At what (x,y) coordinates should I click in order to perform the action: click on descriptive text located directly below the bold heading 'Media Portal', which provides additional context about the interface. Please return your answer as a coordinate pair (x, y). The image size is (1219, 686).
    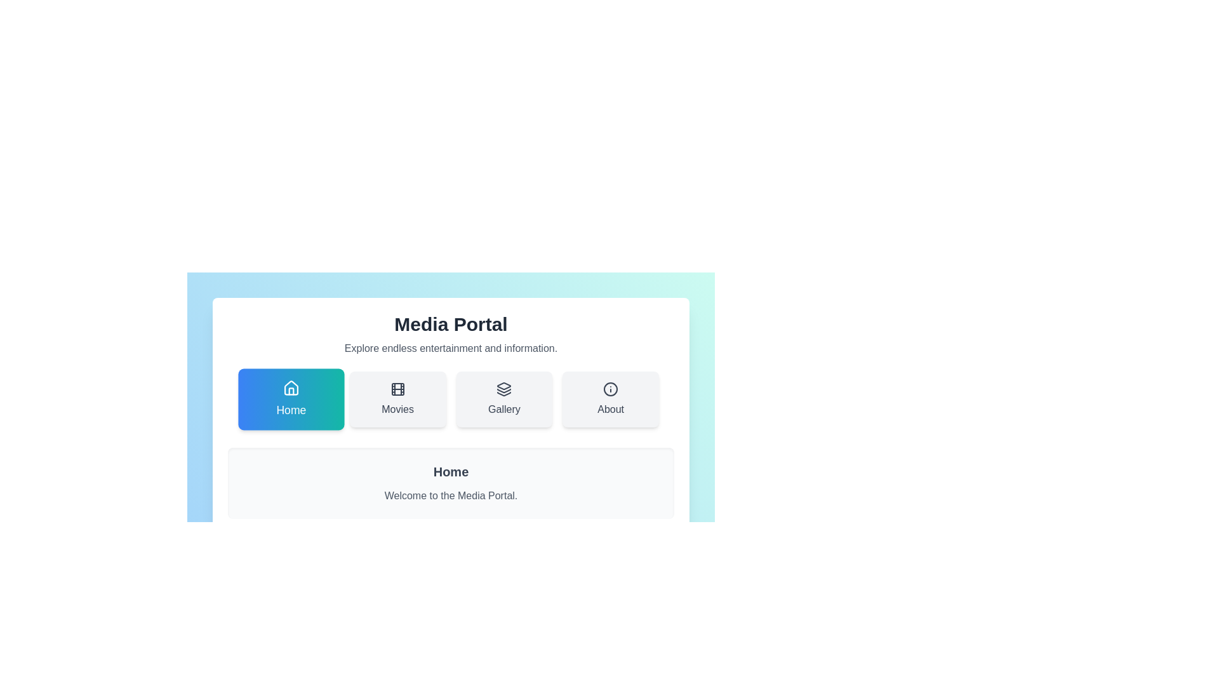
    Looking at the image, I should click on (451, 348).